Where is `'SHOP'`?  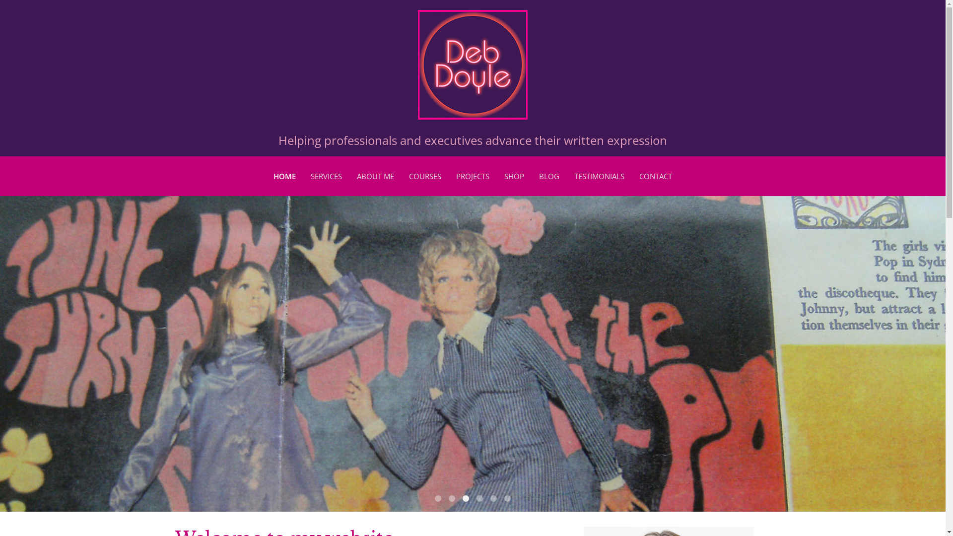
'SHOP' is located at coordinates (514, 175).